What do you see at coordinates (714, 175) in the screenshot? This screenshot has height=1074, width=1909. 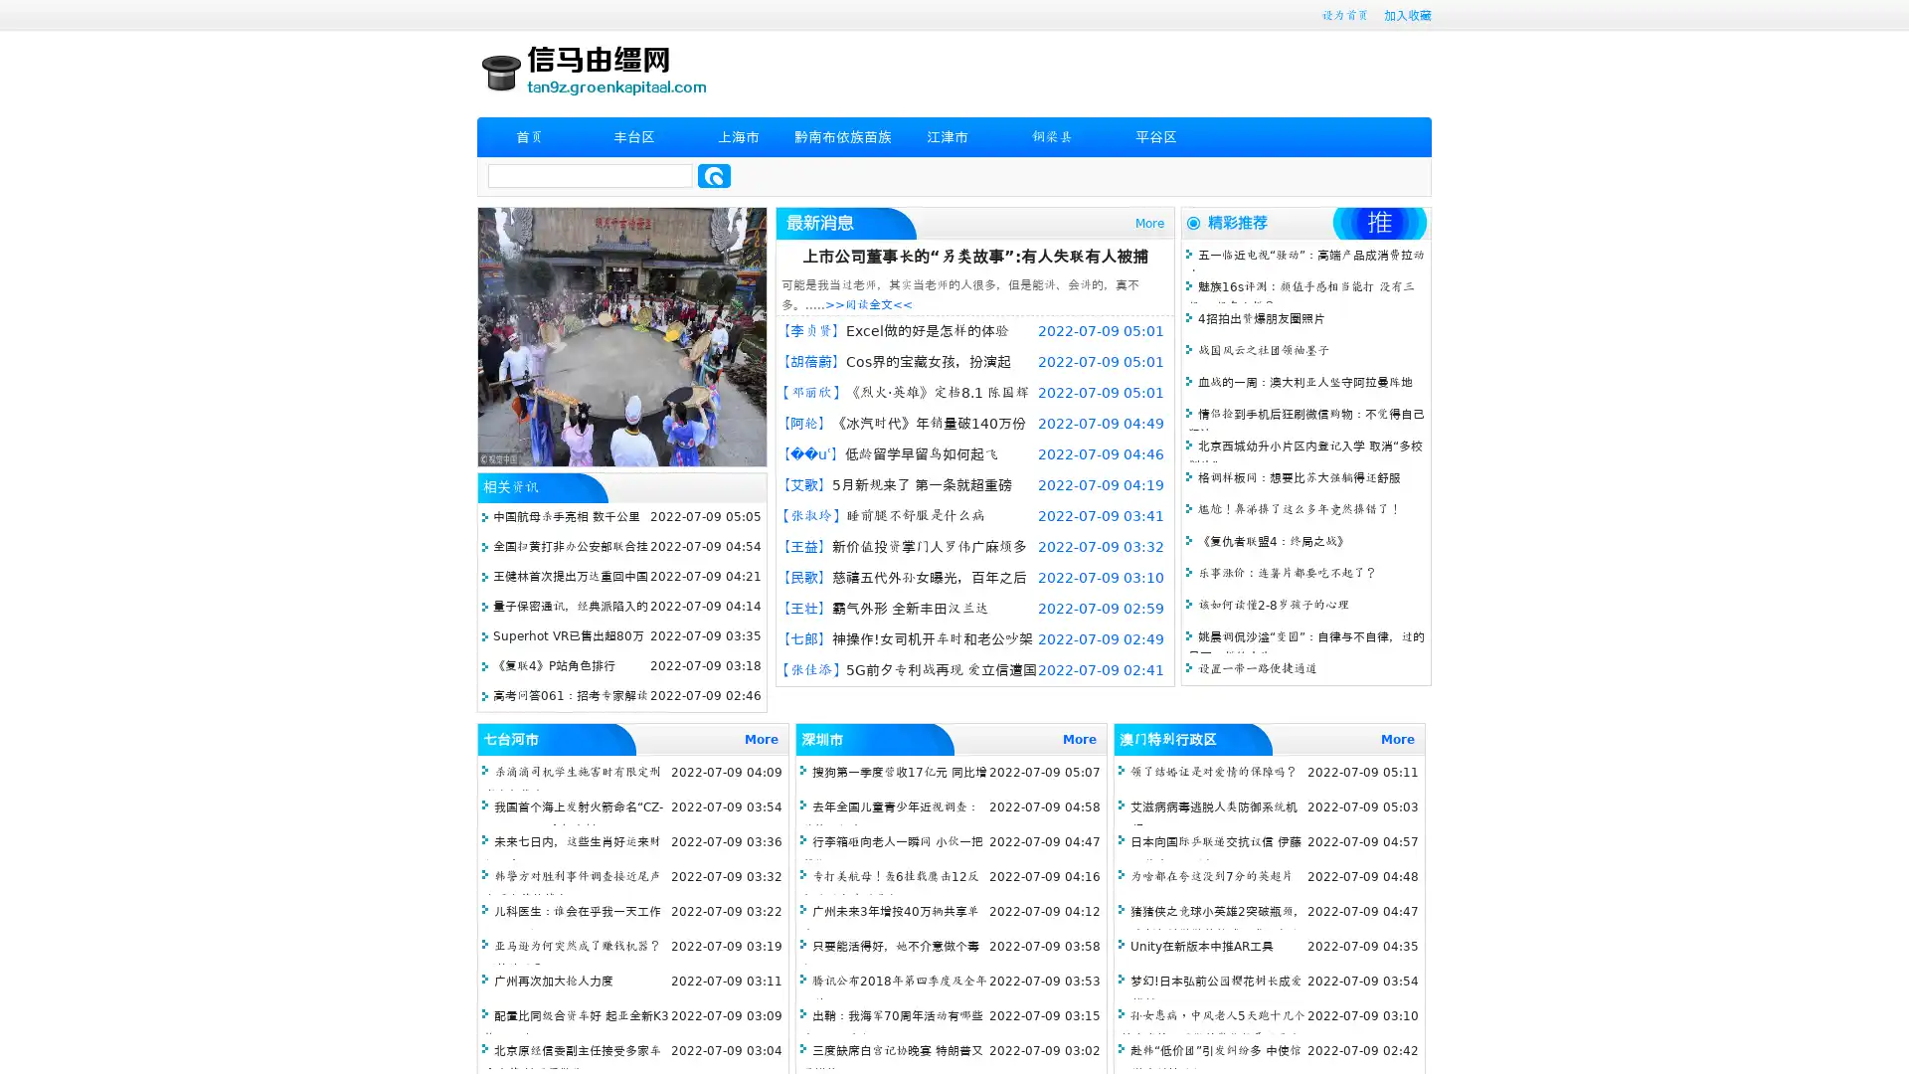 I see `Search` at bounding box center [714, 175].